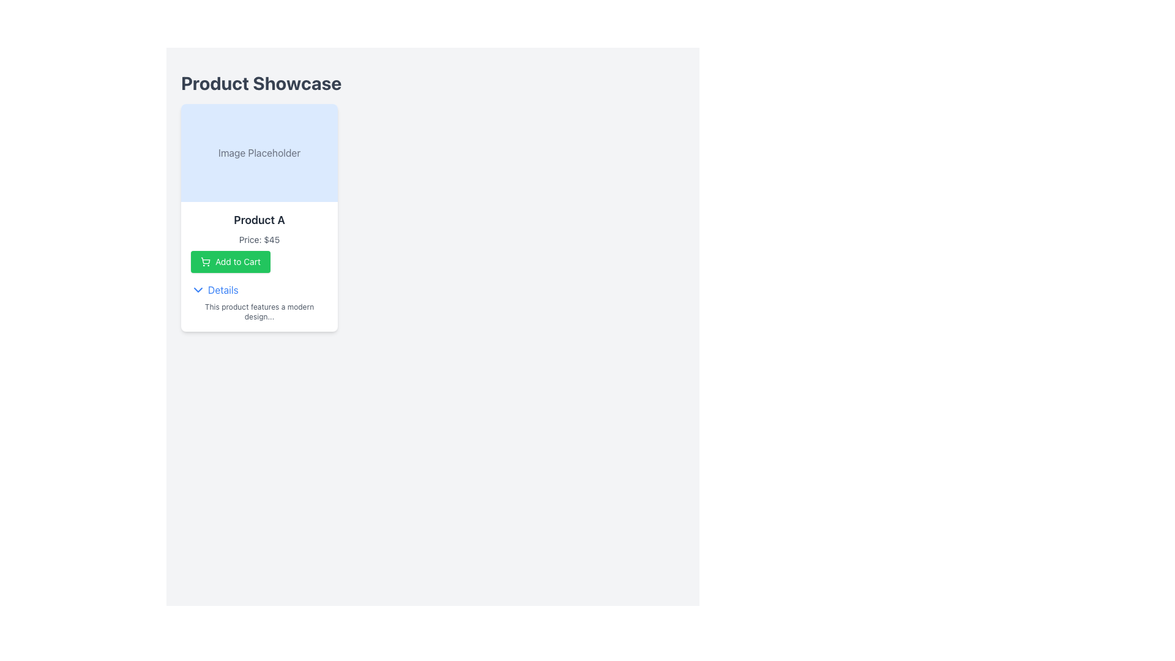 This screenshot has height=661, width=1175. I want to click on the shopping cart icon located within the 'Add to Cart' button for interactivity, so click(206, 260).